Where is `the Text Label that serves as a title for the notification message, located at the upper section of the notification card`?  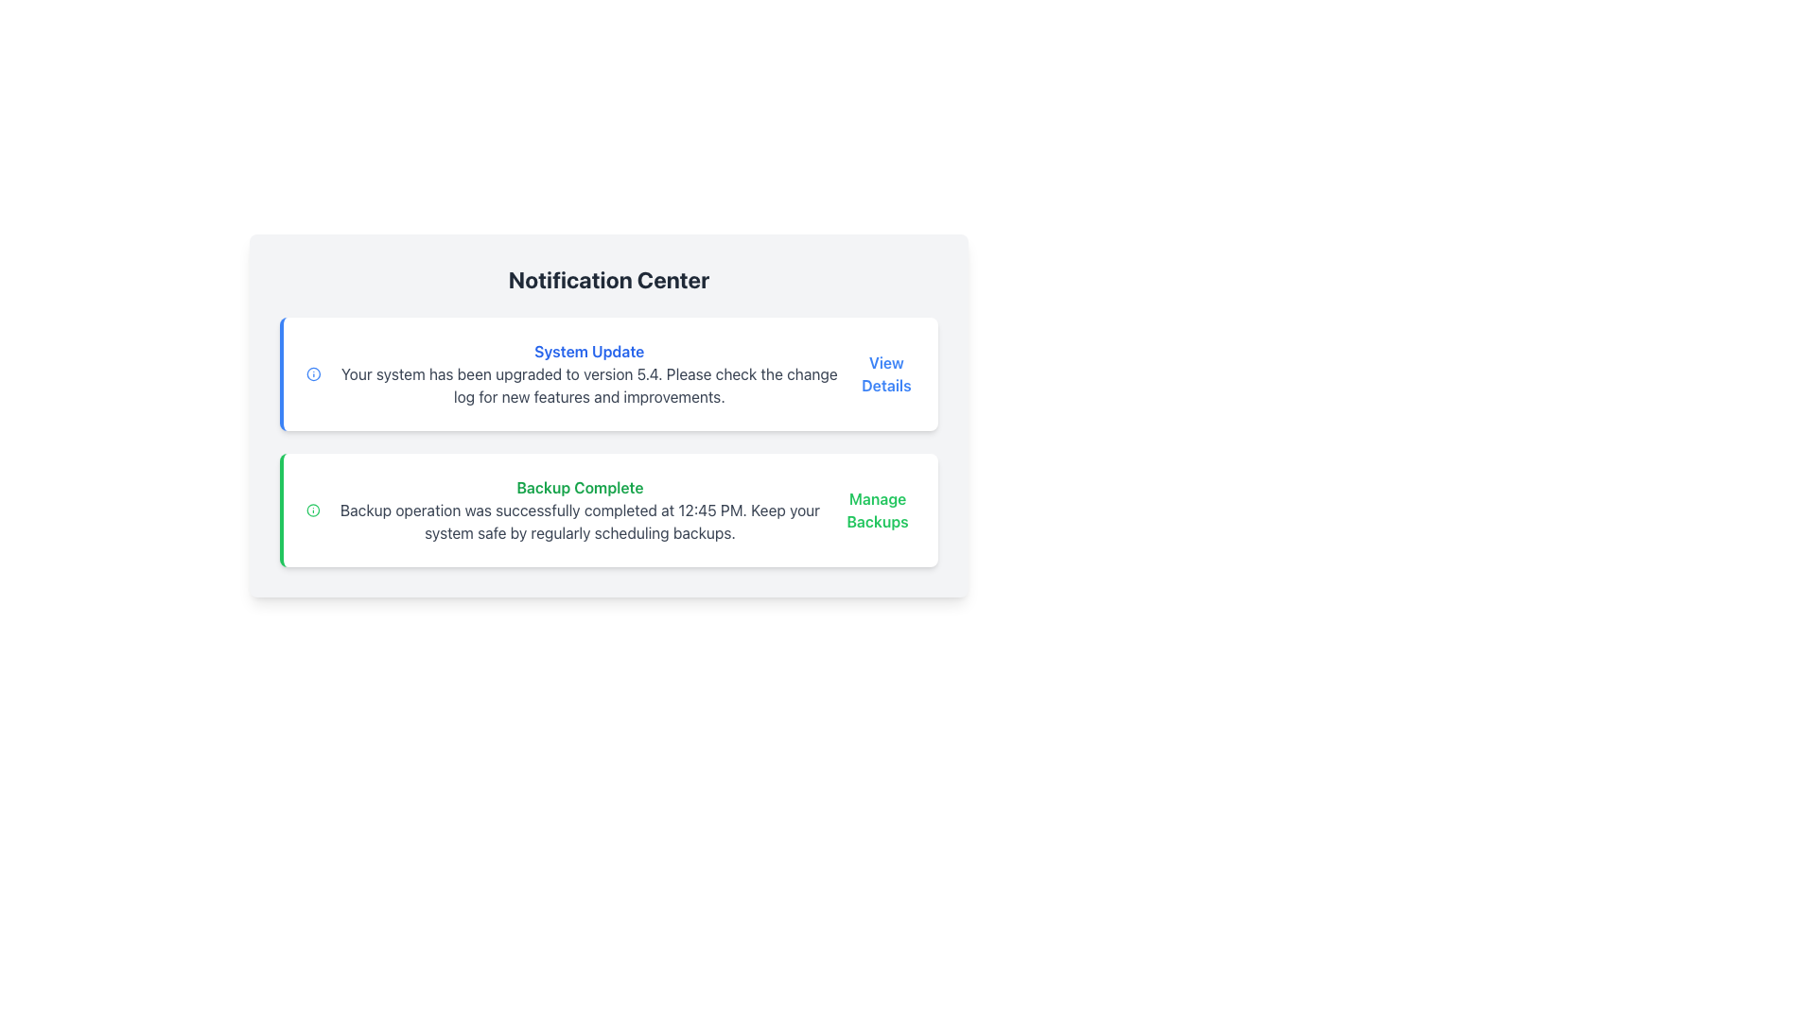
the Text Label that serves as a title for the notification message, located at the upper section of the notification card is located at coordinates (588, 351).